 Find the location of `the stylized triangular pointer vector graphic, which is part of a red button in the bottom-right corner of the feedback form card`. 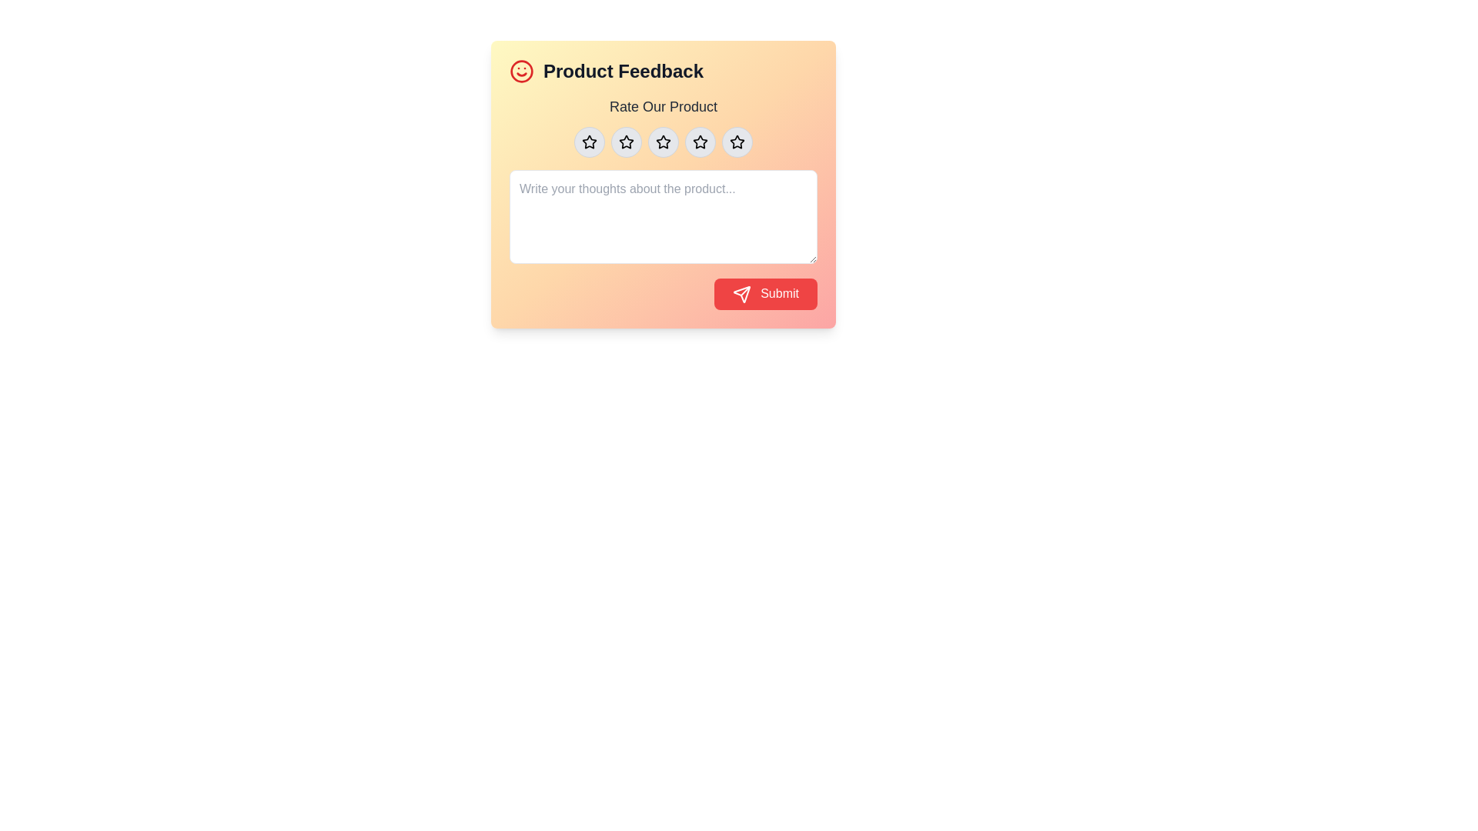

the stylized triangular pointer vector graphic, which is part of a red button in the bottom-right corner of the feedback form card is located at coordinates (741, 294).